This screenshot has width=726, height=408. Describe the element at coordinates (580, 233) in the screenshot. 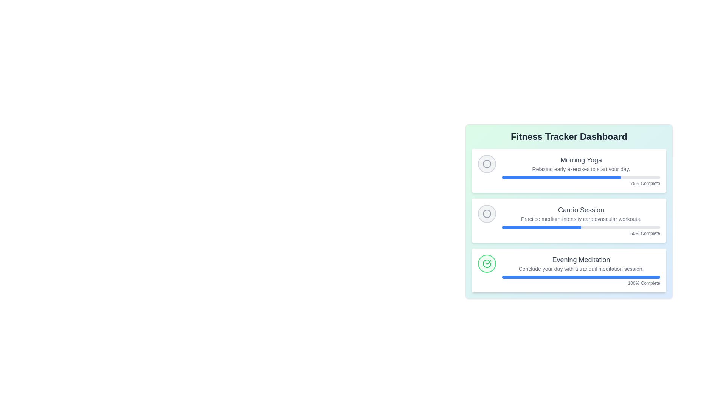

I see `the text label indicating the percentage progress (50%) located at the bottom-right corner of the 'Cardio Session' section, following the progress bar` at that location.